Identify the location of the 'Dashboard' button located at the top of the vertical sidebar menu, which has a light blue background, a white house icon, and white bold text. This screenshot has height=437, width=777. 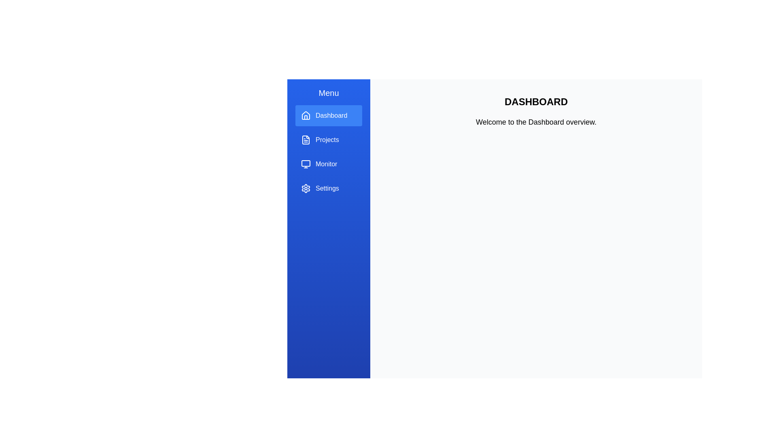
(329, 115).